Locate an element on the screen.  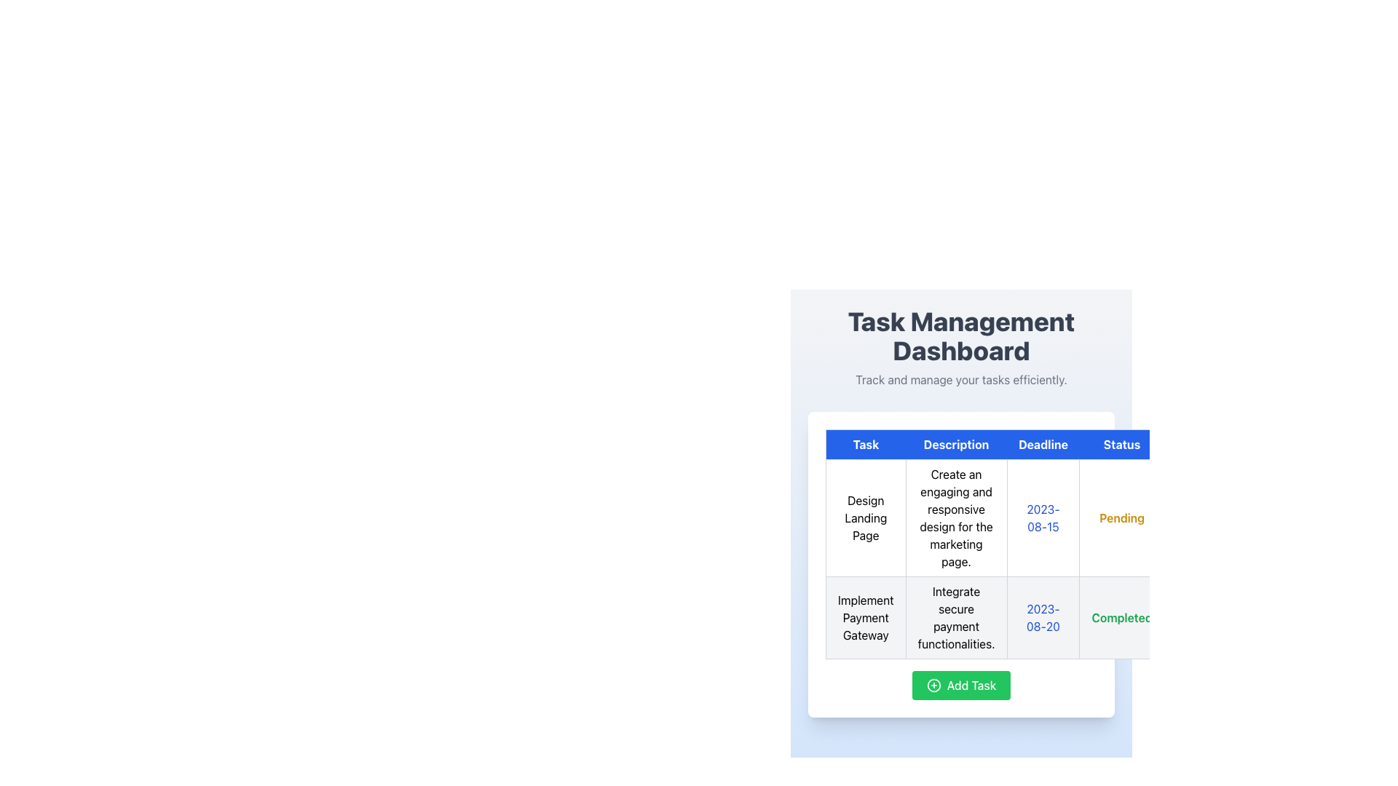
the Text Label element displaying 'Design Landing Page', which is located in the first column of the first row beneath the 'Task' header is located at coordinates (866, 517).